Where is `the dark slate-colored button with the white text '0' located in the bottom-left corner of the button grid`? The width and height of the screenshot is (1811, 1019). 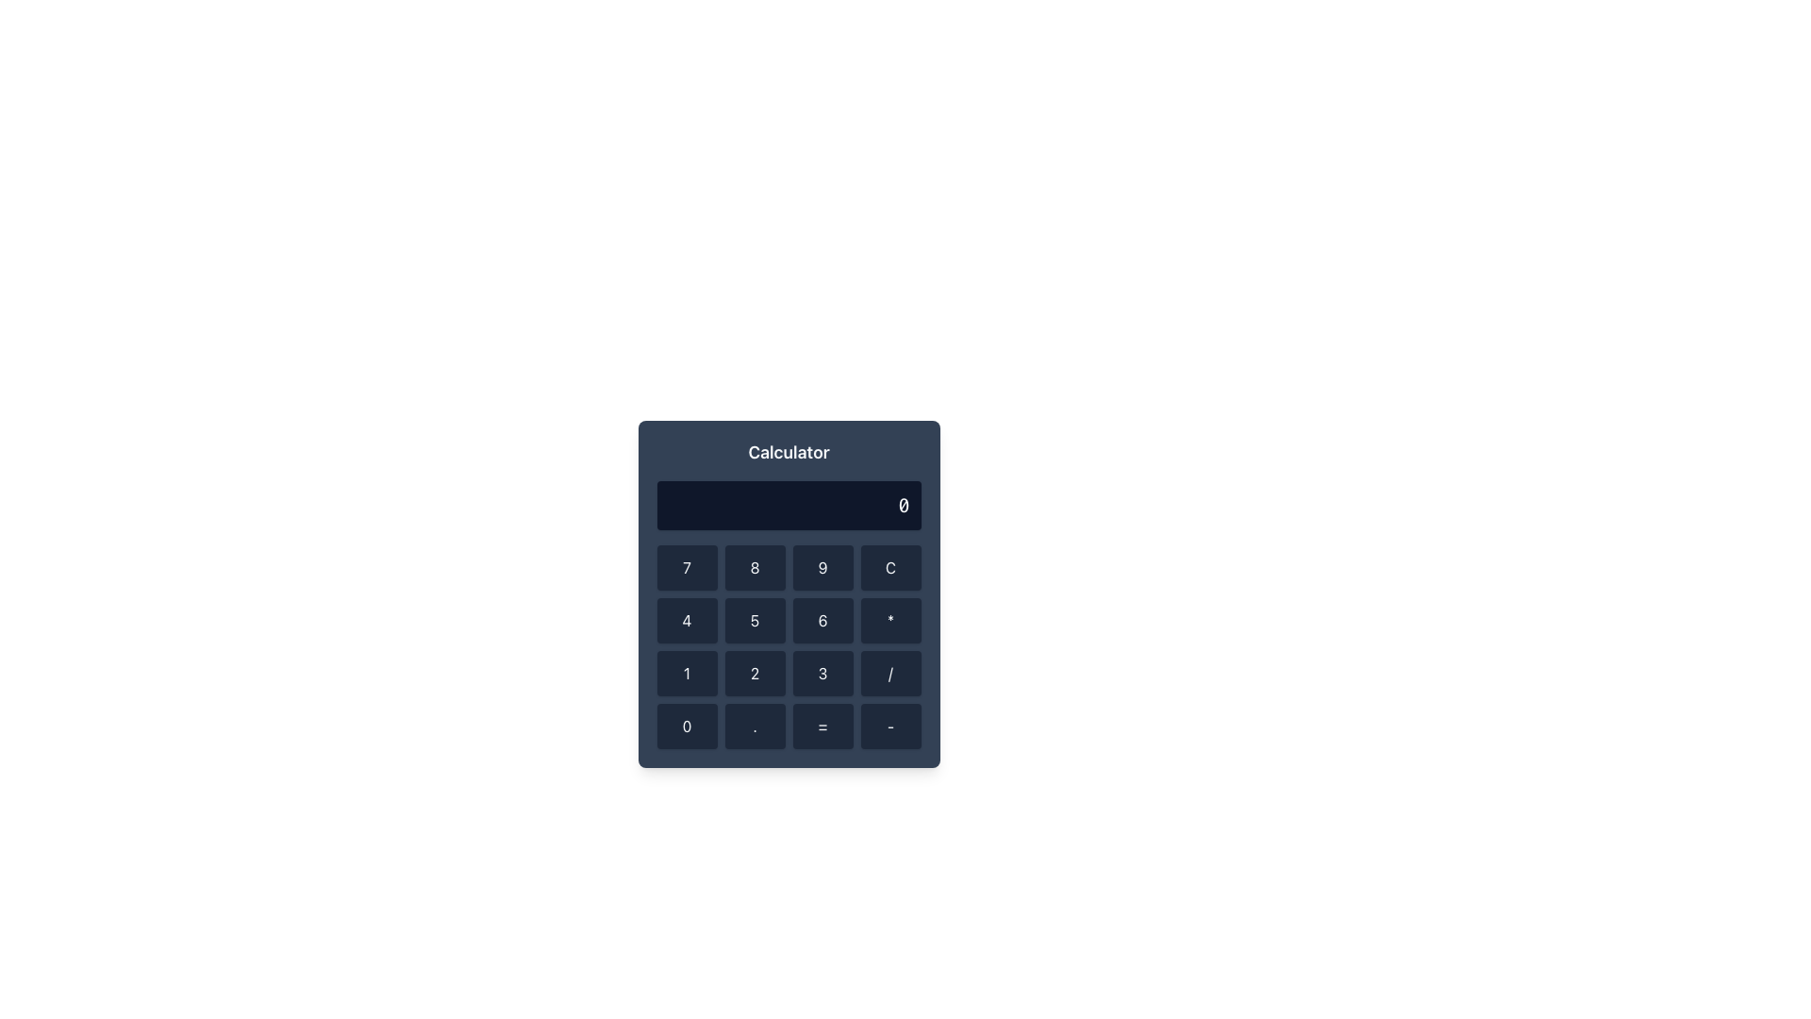
the dark slate-colored button with the white text '0' located in the bottom-left corner of the button grid is located at coordinates (686, 726).